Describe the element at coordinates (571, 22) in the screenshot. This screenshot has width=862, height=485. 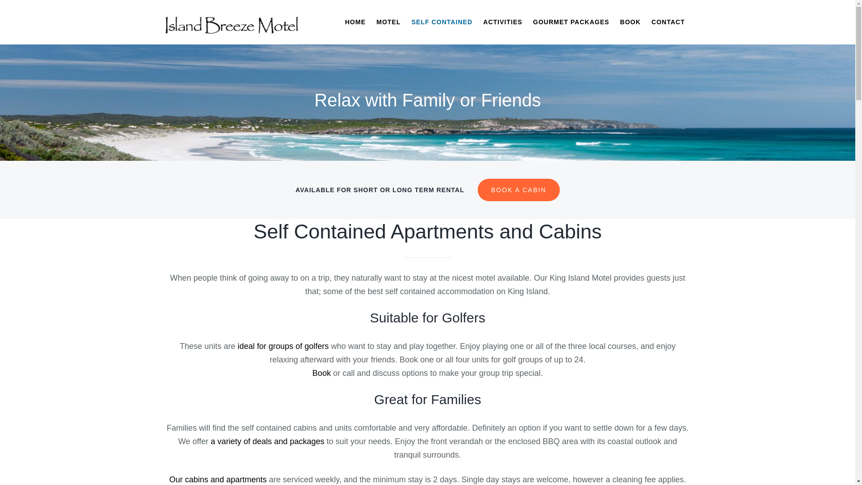
I see `'GOURMET PACKAGES'` at that location.